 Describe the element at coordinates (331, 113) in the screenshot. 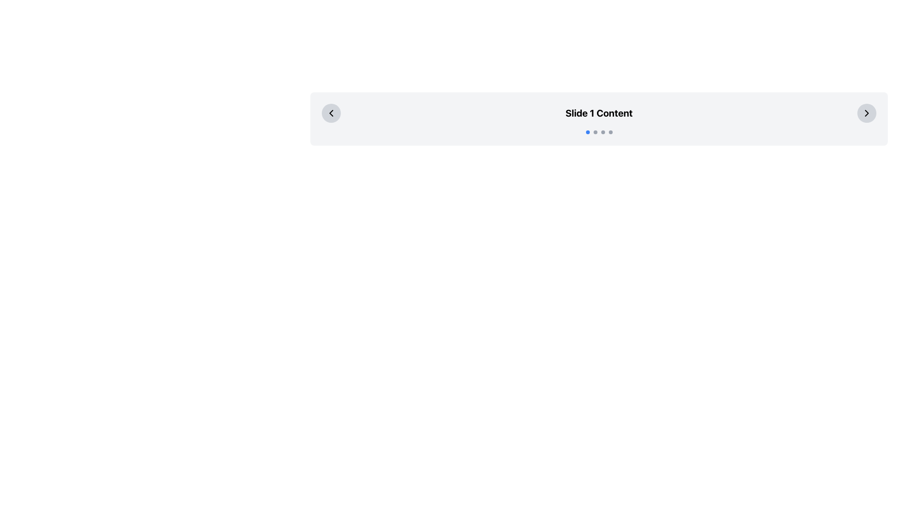

I see `the left-facing chevron icon located in the circular button on the left side of the horizontal navigation bar` at that location.